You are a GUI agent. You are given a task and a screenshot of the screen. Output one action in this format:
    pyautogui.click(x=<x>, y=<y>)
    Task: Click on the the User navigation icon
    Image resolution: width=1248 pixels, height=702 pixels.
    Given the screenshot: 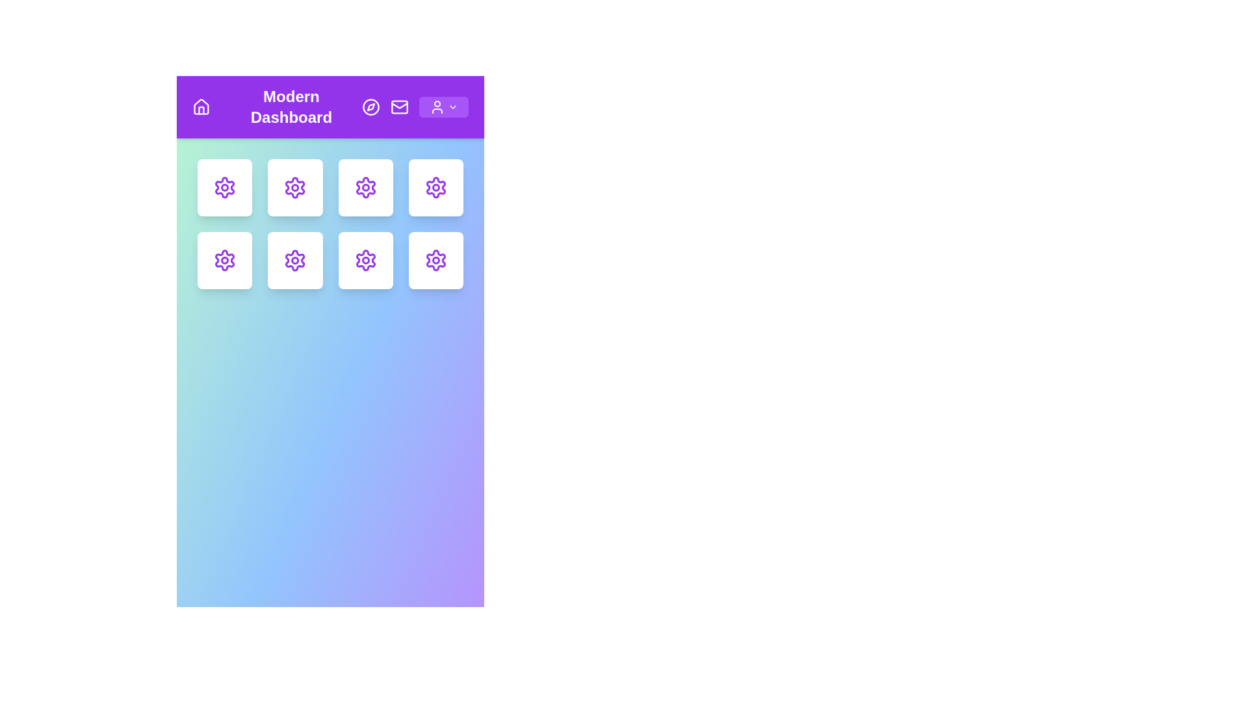 What is the action you would take?
    pyautogui.click(x=437, y=107)
    